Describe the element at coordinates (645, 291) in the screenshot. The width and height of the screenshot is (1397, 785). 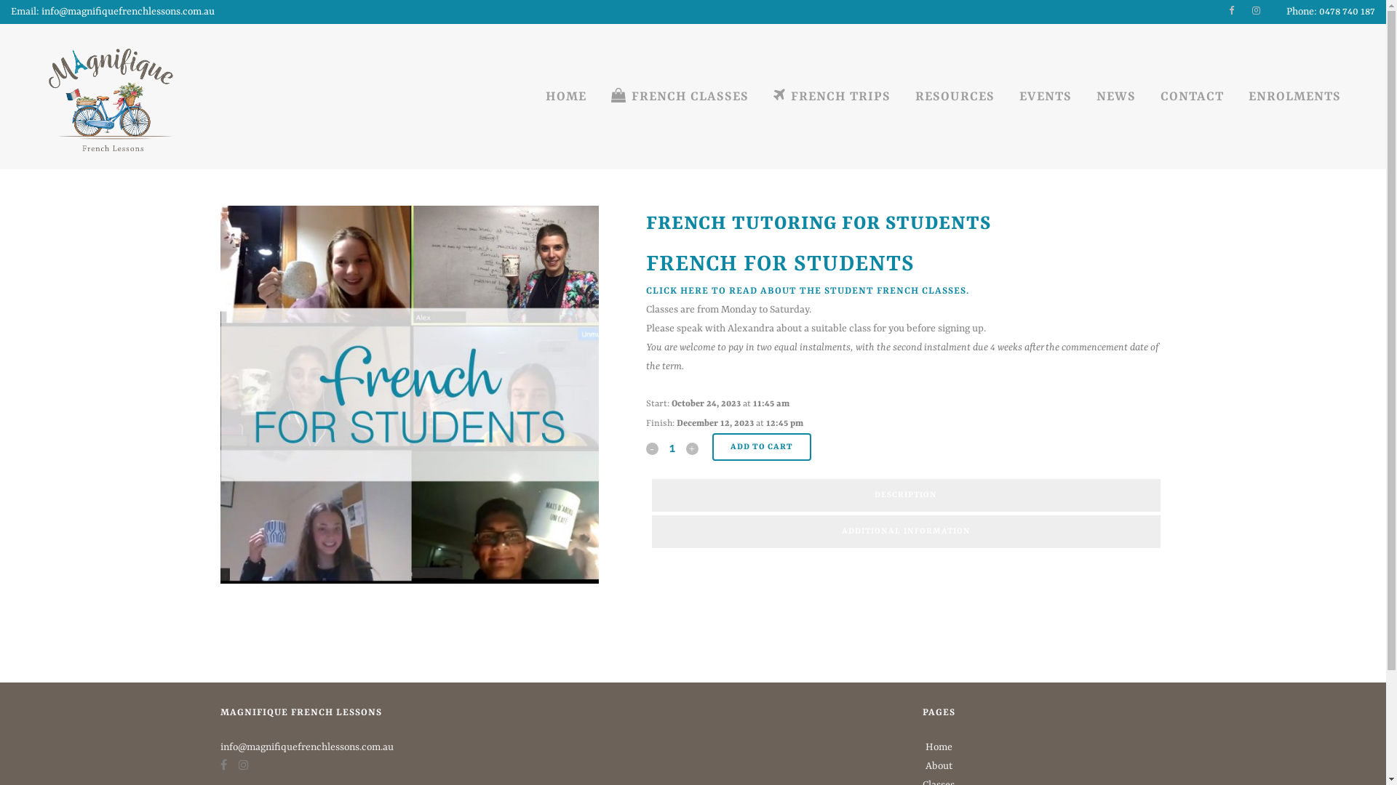
I see `'CLICK HERE'` at that location.